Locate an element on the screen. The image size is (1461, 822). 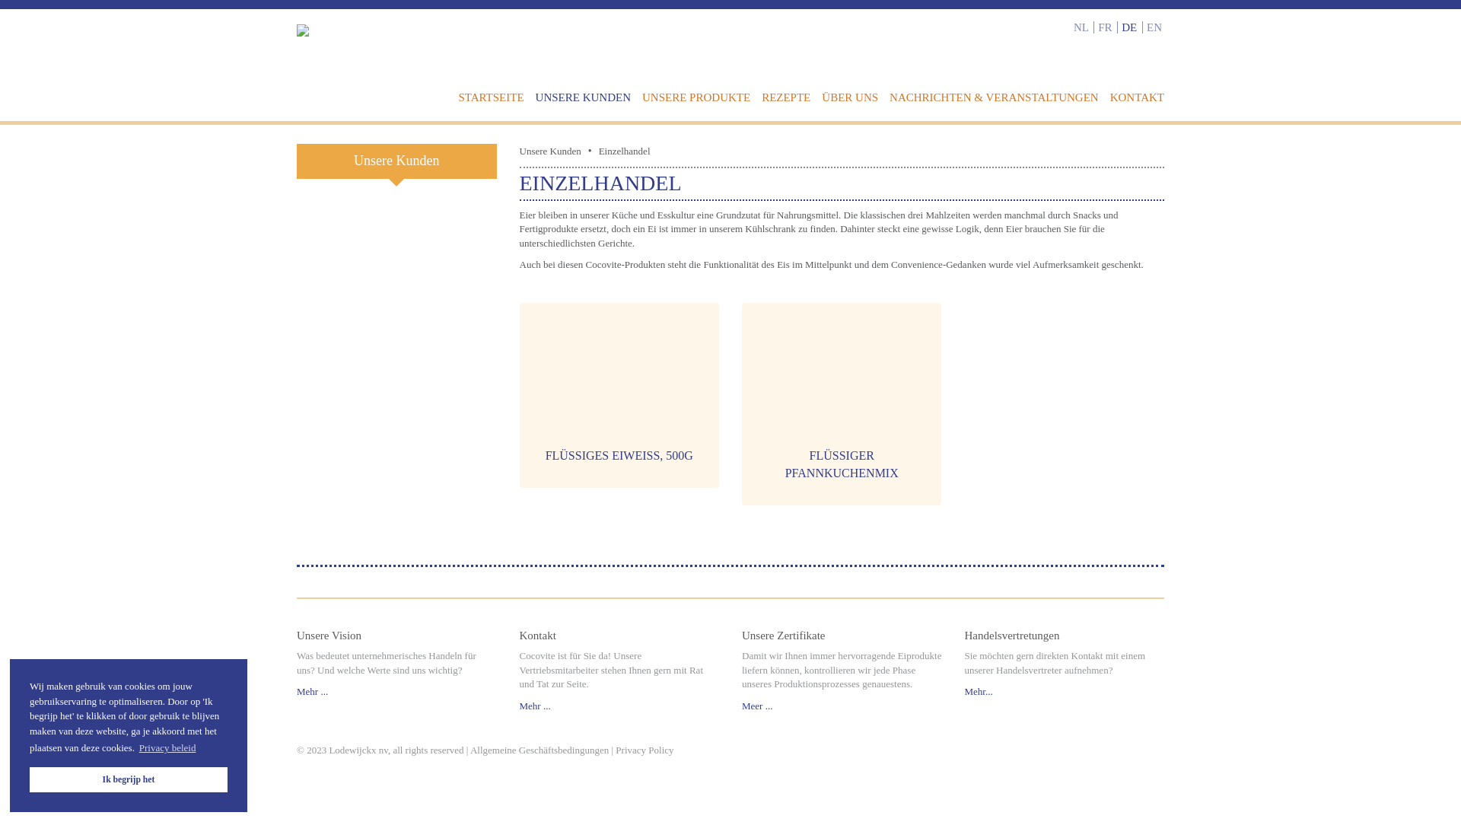
'Unsere Kunden' is located at coordinates (296, 161).